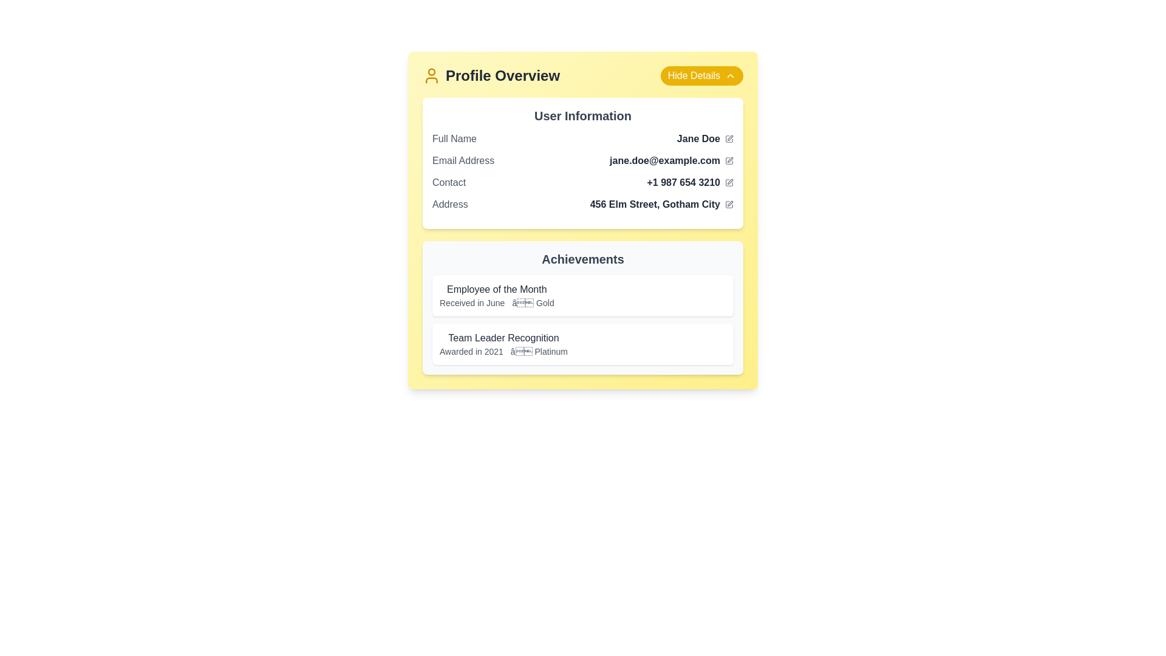 The image size is (1166, 656). Describe the element at coordinates (503, 351) in the screenshot. I see `the informational text displaying the award's year and level ('Platinum') located under the 'Achievements' section in the user profile interface, below the heading 'Team Leader Recognition'` at that location.